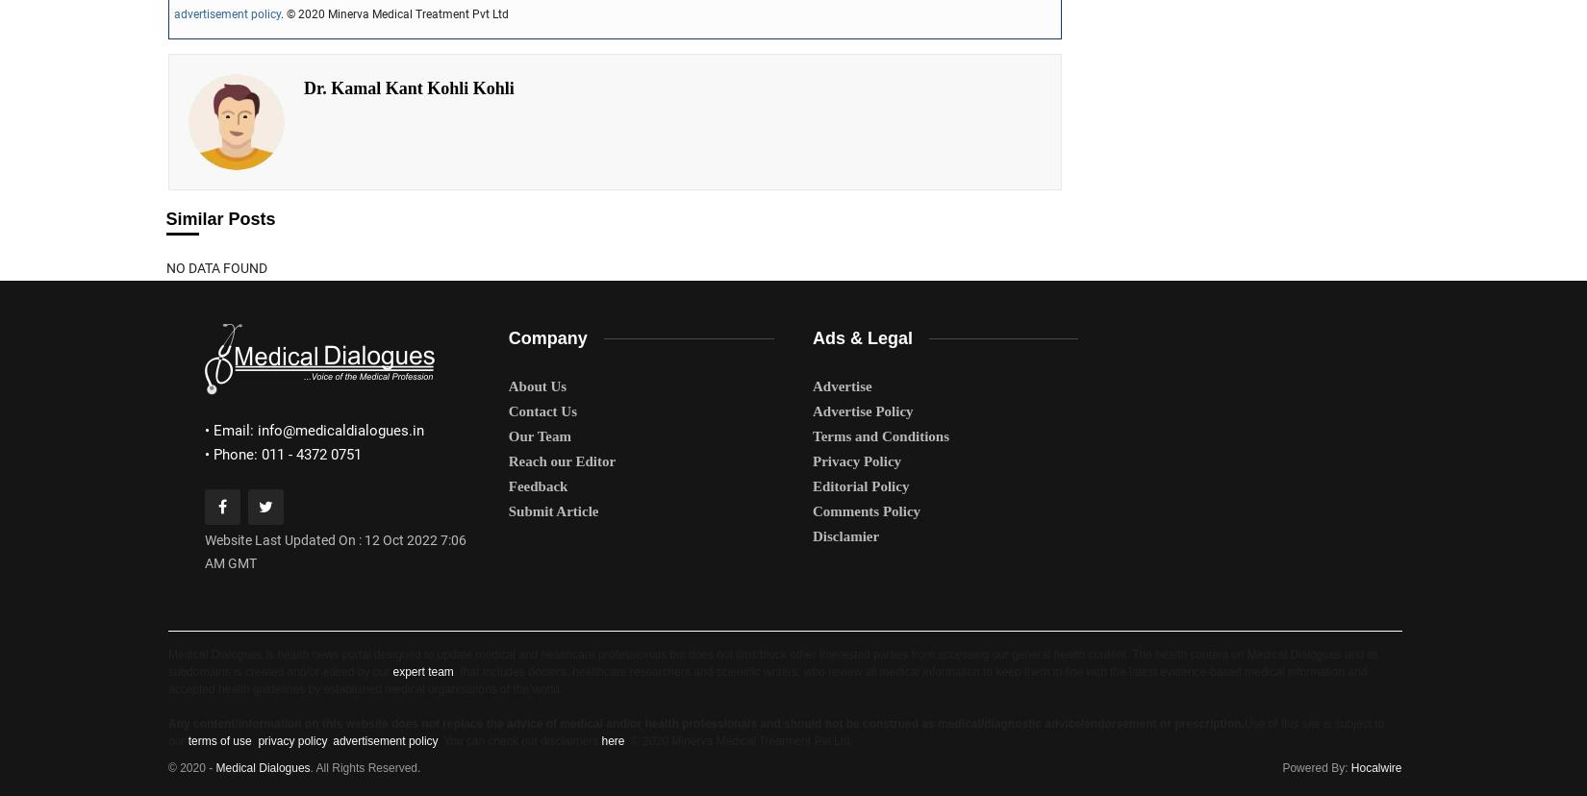 The image size is (1587, 796). Describe the element at coordinates (537, 485) in the screenshot. I see `'Feedback'` at that location.